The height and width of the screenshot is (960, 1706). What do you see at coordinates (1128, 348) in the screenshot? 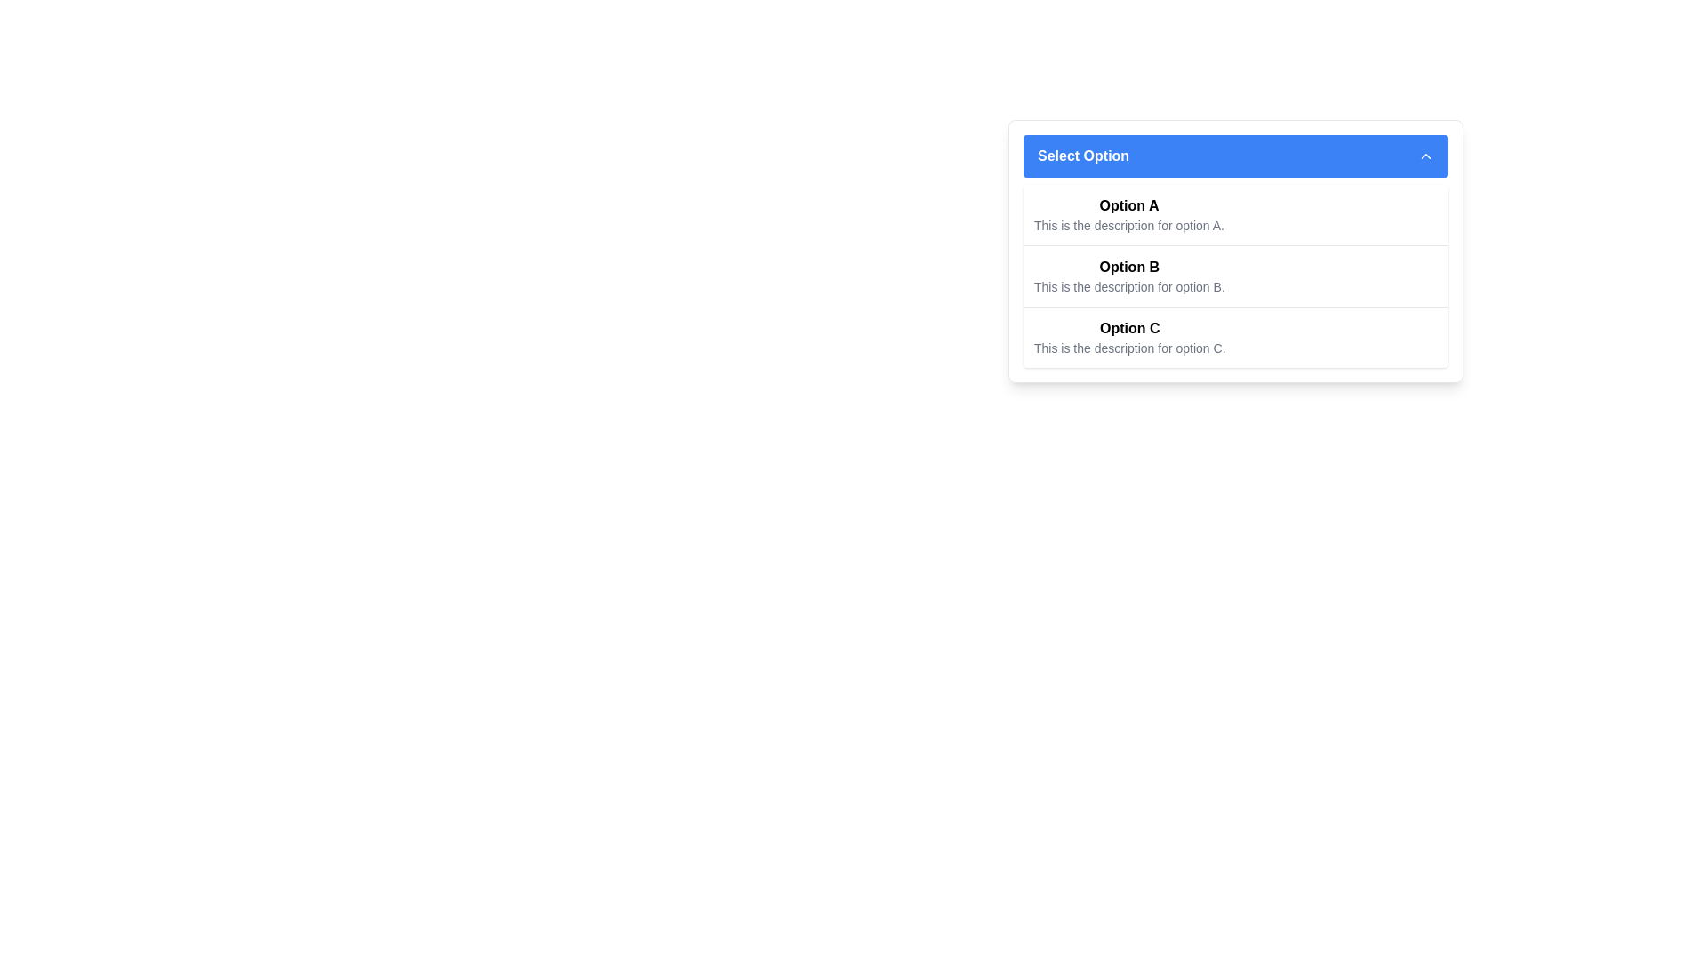
I see `text description located below the bold header 'Option C', which reads: 'This is the description for option C.'` at bounding box center [1128, 348].